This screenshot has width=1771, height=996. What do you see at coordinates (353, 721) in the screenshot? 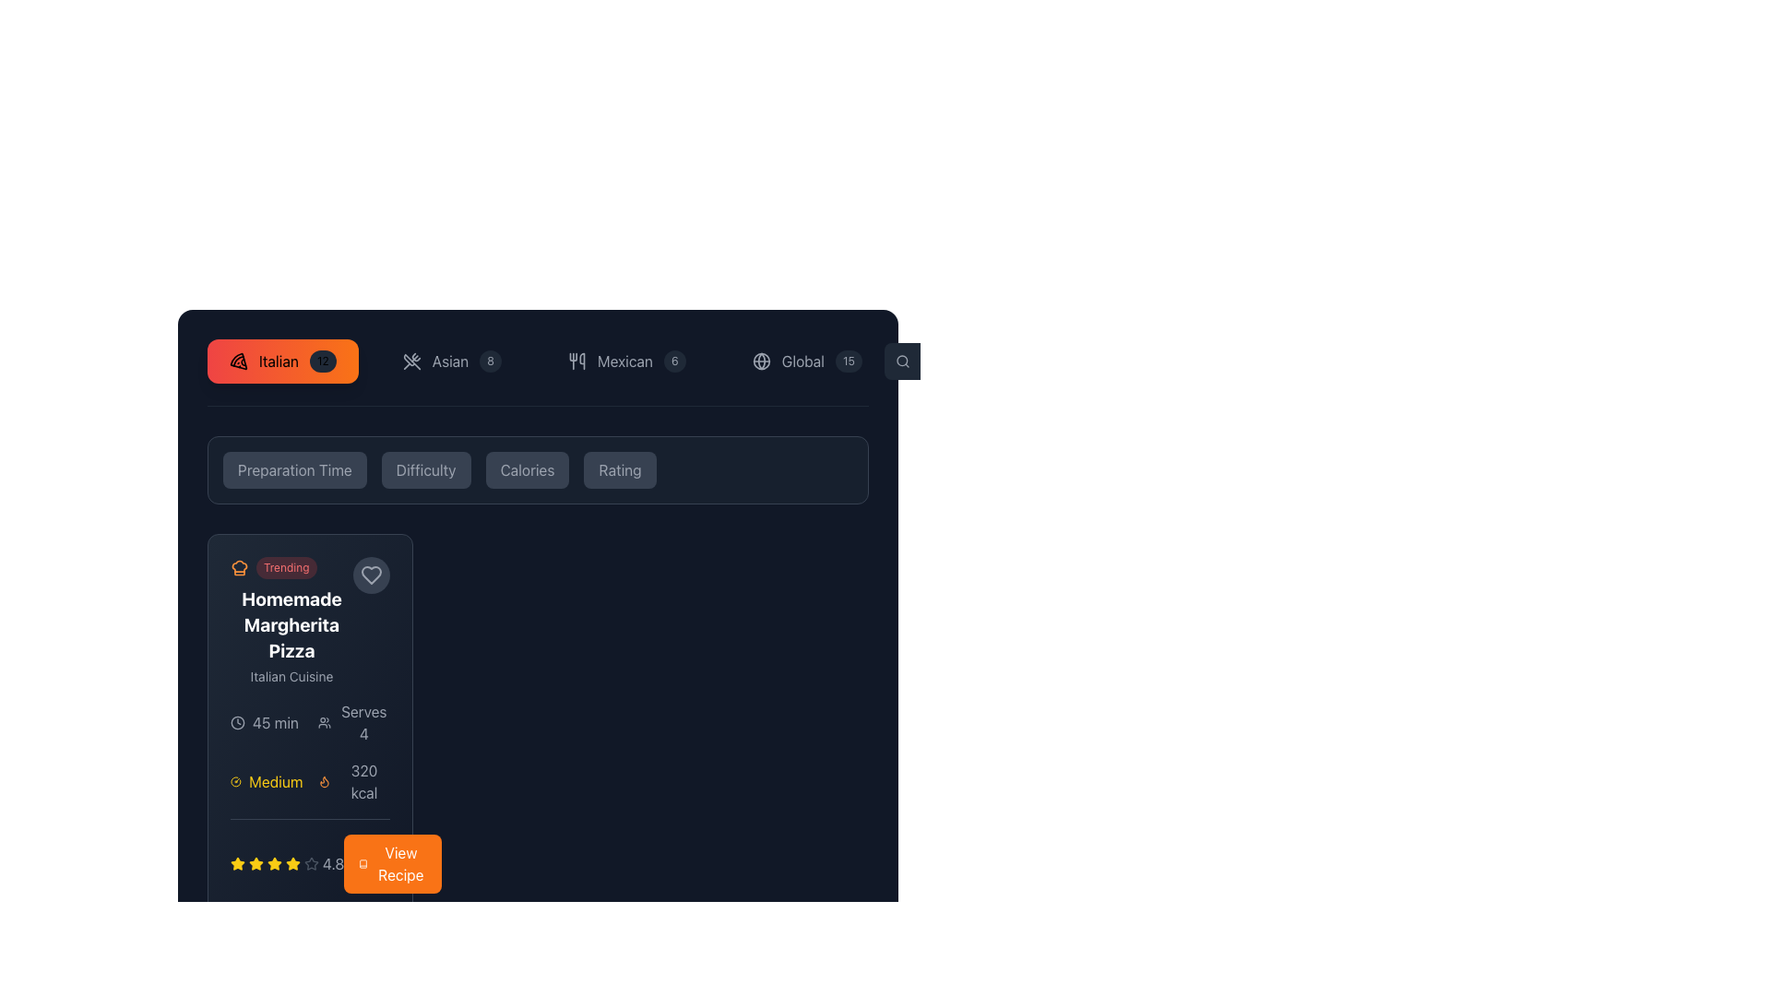
I see `the associated icon of the 'Serves 4' label, which is styled with a gray font and is the second item in a horizontal arrangement within a card component` at bounding box center [353, 721].